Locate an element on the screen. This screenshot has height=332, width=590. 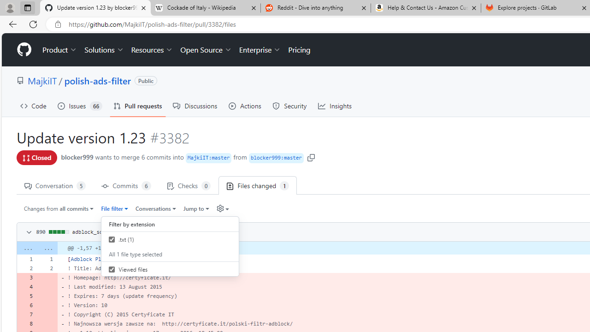
'All 1 file type selected' is located at coordinates (170, 254).